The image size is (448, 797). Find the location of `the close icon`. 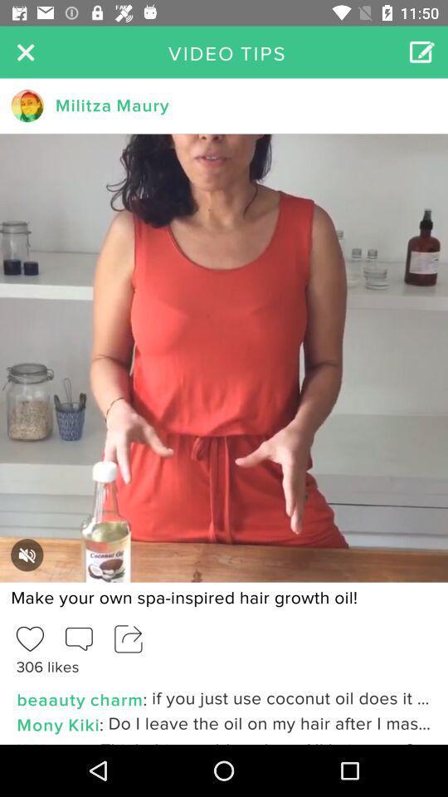

the close icon is located at coordinates (25, 51).